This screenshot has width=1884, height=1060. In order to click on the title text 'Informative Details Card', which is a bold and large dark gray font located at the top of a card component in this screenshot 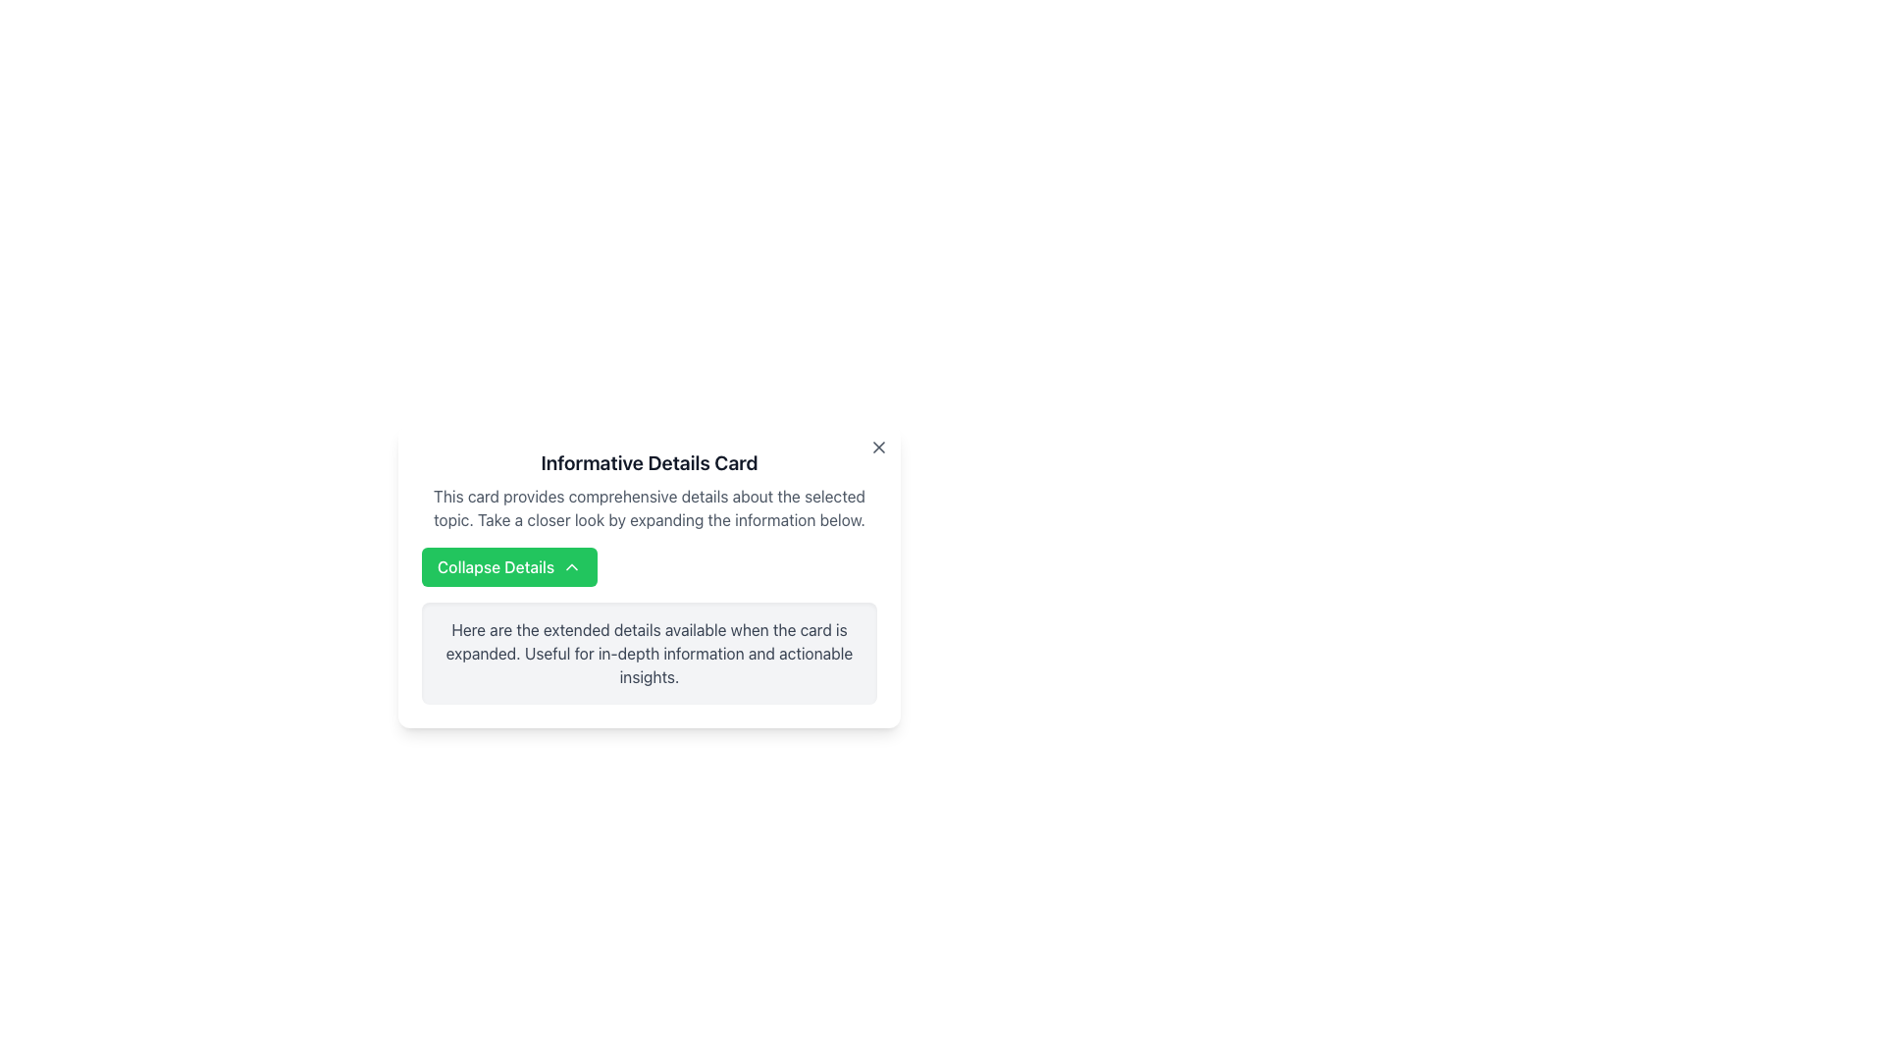, I will do `click(650, 462)`.